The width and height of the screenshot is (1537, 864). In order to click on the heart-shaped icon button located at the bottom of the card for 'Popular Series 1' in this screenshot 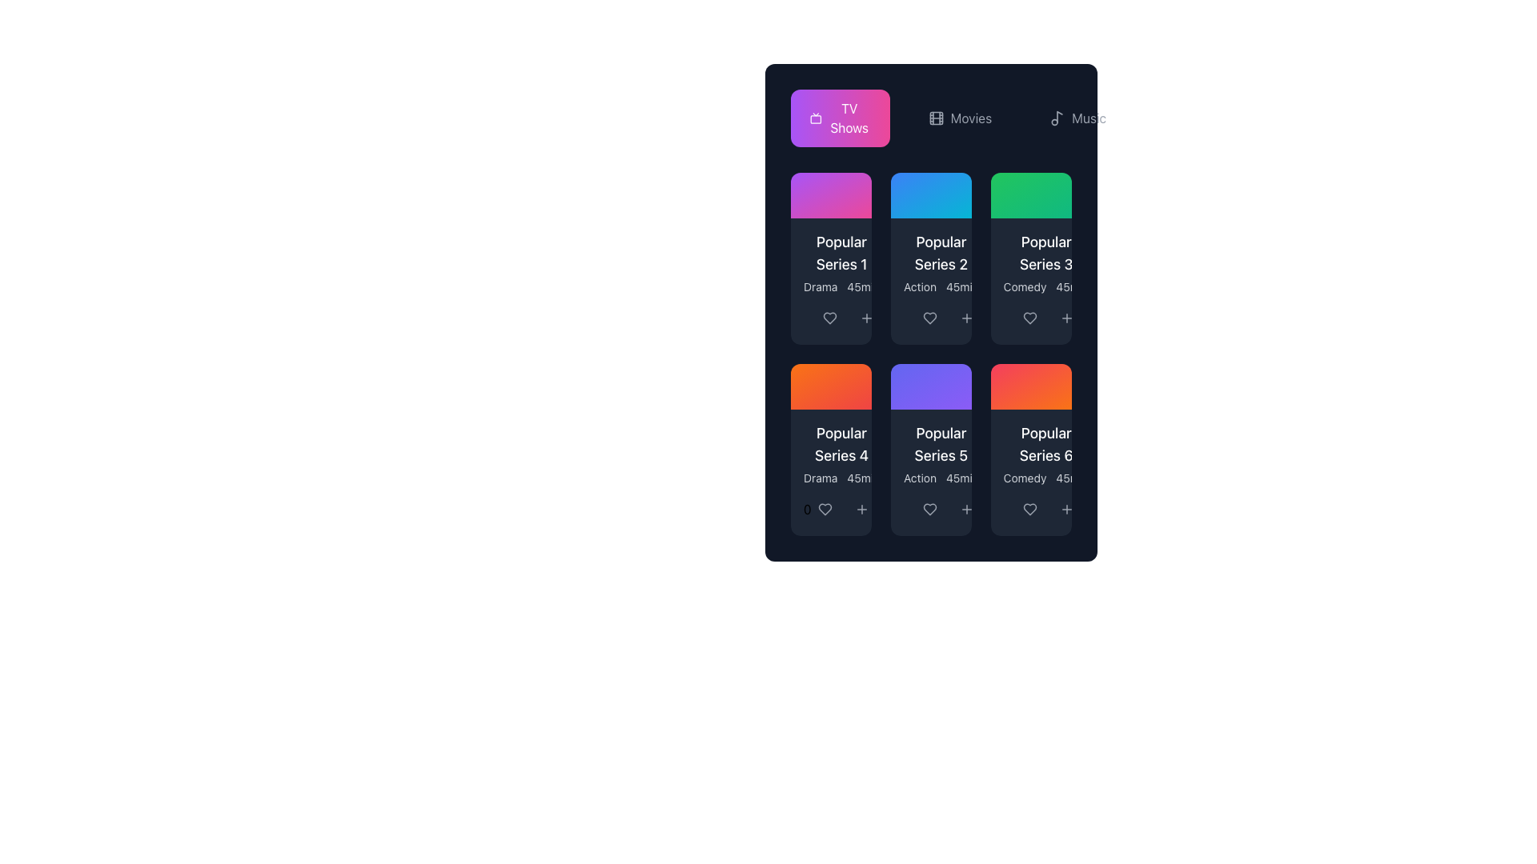, I will do `click(829, 318)`.